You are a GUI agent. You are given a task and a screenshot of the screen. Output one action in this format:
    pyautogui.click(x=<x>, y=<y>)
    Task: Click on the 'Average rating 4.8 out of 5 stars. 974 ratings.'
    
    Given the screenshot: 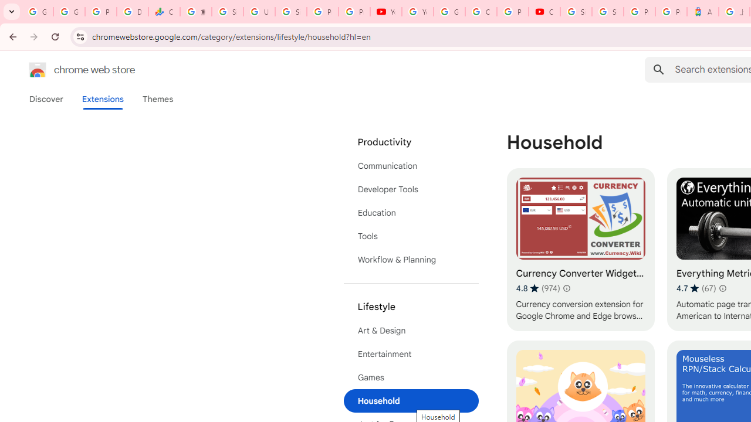 What is the action you would take?
    pyautogui.click(x=537, y=288)
    